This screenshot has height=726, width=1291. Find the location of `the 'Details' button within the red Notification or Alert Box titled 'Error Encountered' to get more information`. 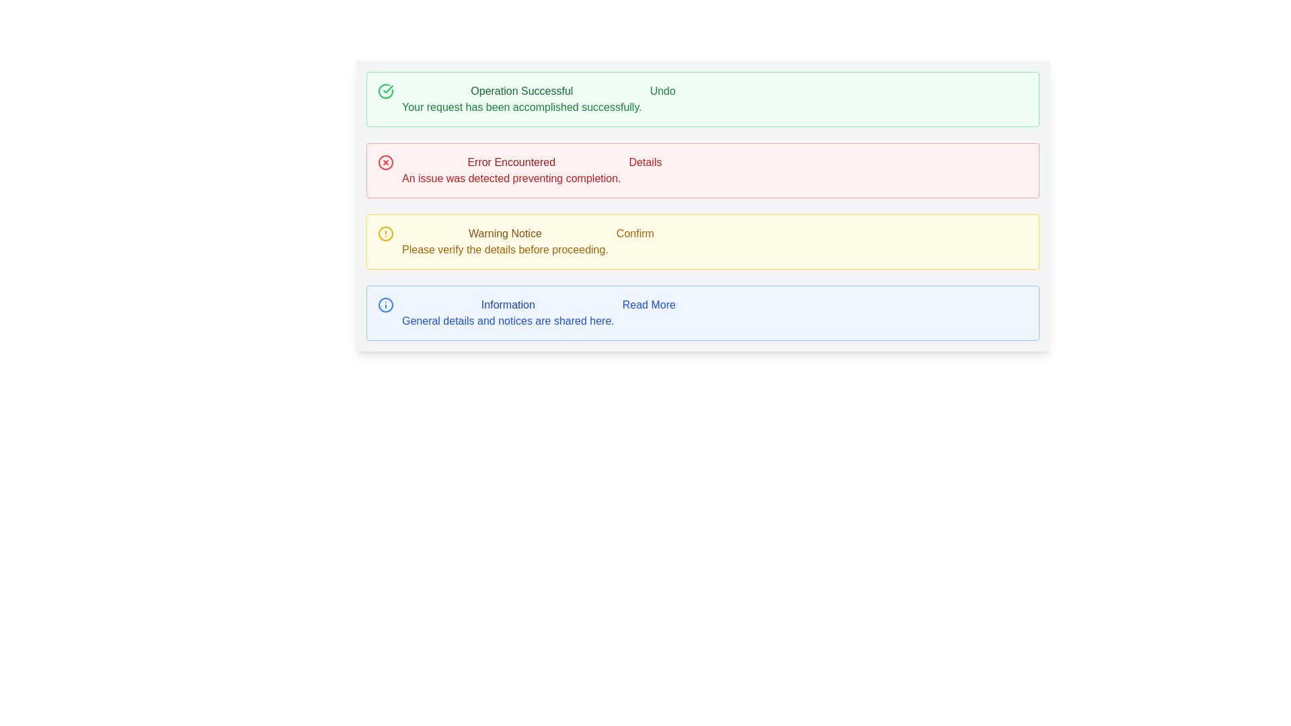

the 'Details' button within the red Notification or Alert Box titled 'Error Encountered' to get more information is located at coordinates (702, 170).